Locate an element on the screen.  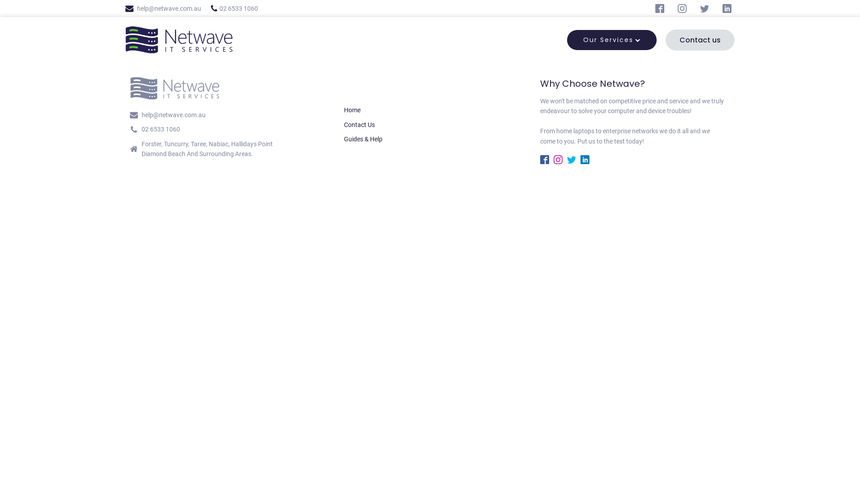
'02 6533 1060' is located at coordinates (234, 8).